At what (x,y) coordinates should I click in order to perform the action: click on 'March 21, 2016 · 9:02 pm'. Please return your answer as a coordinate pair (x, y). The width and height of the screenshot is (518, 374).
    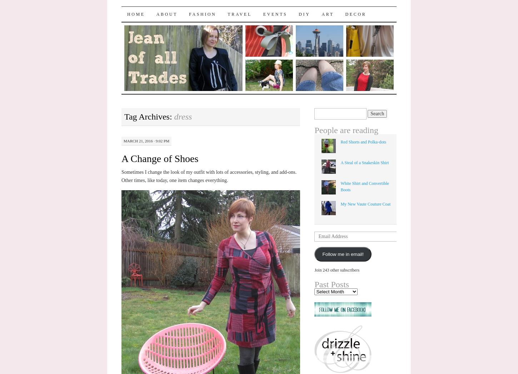
    Looking at the image, I should click on (146, 141).